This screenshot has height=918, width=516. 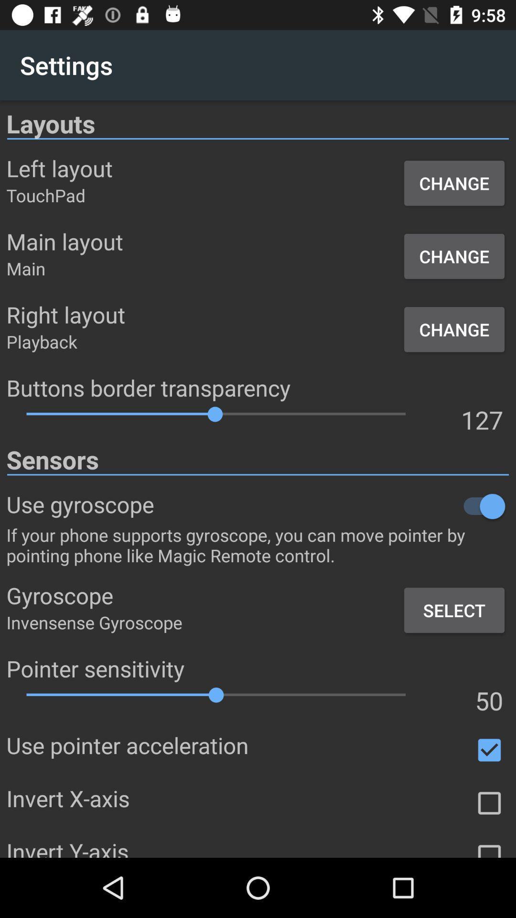 I want to click on invert y axis, so click(x=489, y=847).